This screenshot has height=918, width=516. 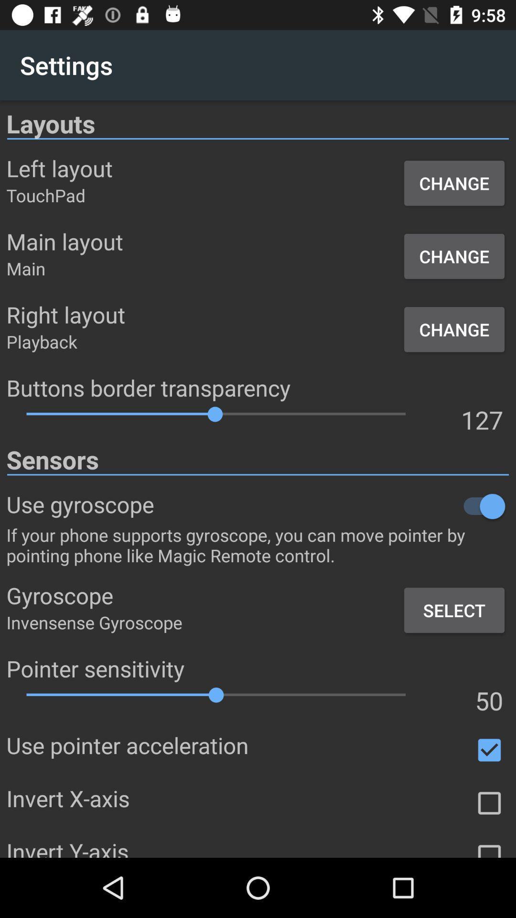 I want to click on invert y axis, so click(x=489, y=847).